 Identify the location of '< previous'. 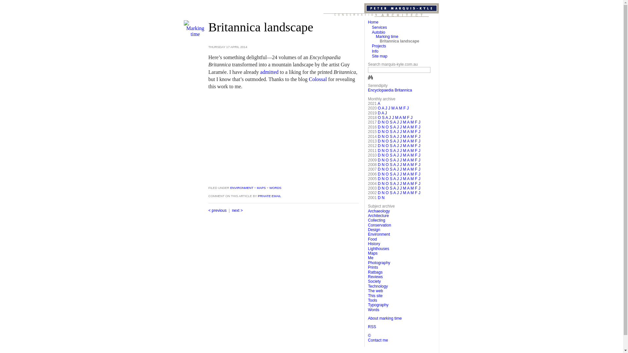
(218, 210).